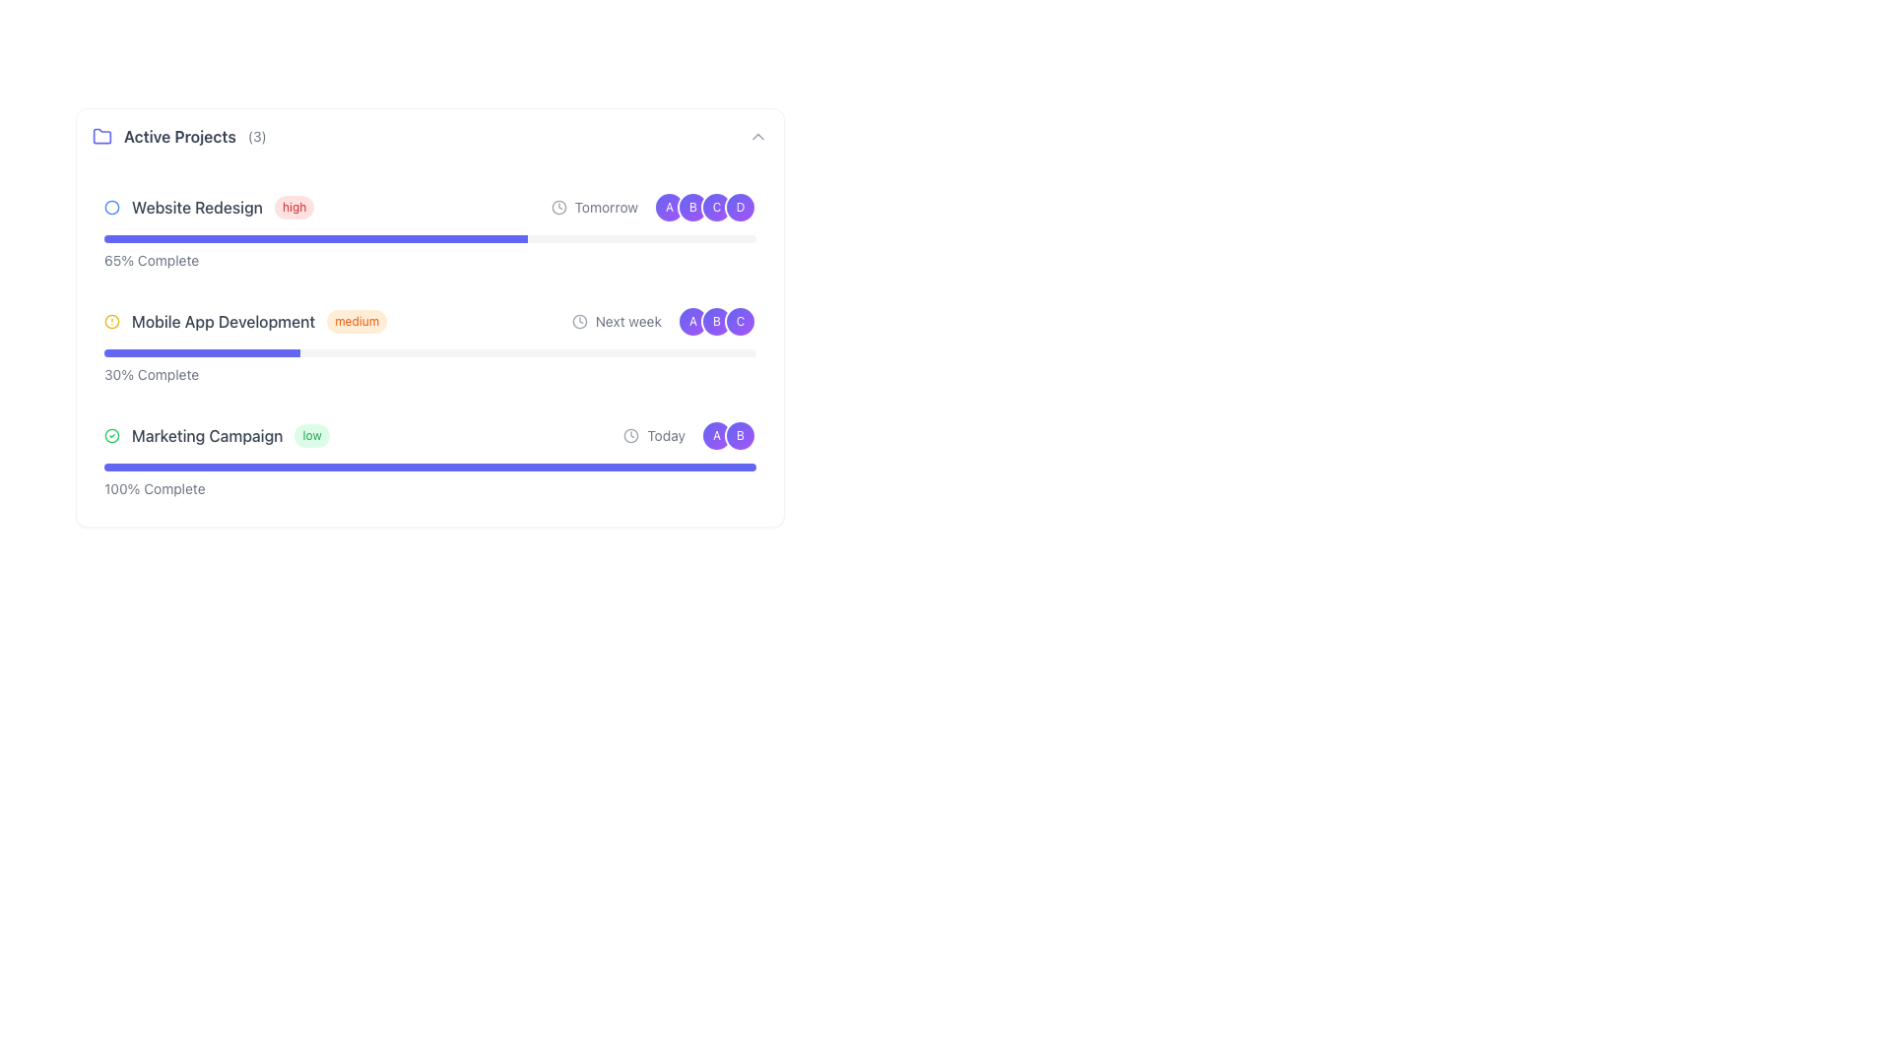 This screenshot has width=1891, height=1063. Describe the element at coordinates (557, 208) in the screenshot. I see `the clock icon representing the due date of the 'Website Redesign' project, which is located to the left of the 'Tomorrow' label in the 'Active Projects' section` at that location.